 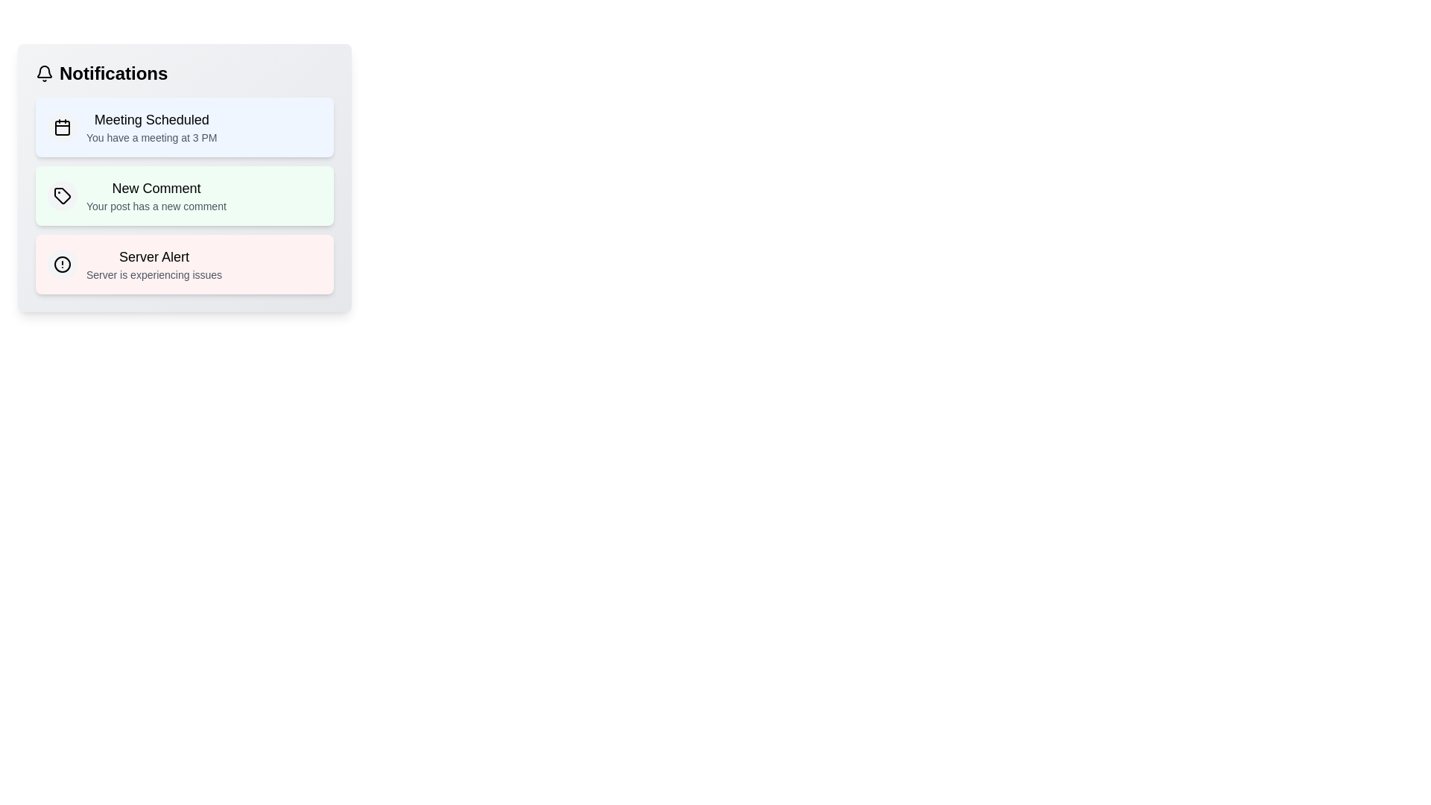 What do you see at coordinates (184, 263) in the screenshot?
I see `the notification titled 'Server Alert' to view its details` at bounding box center [184, 263].